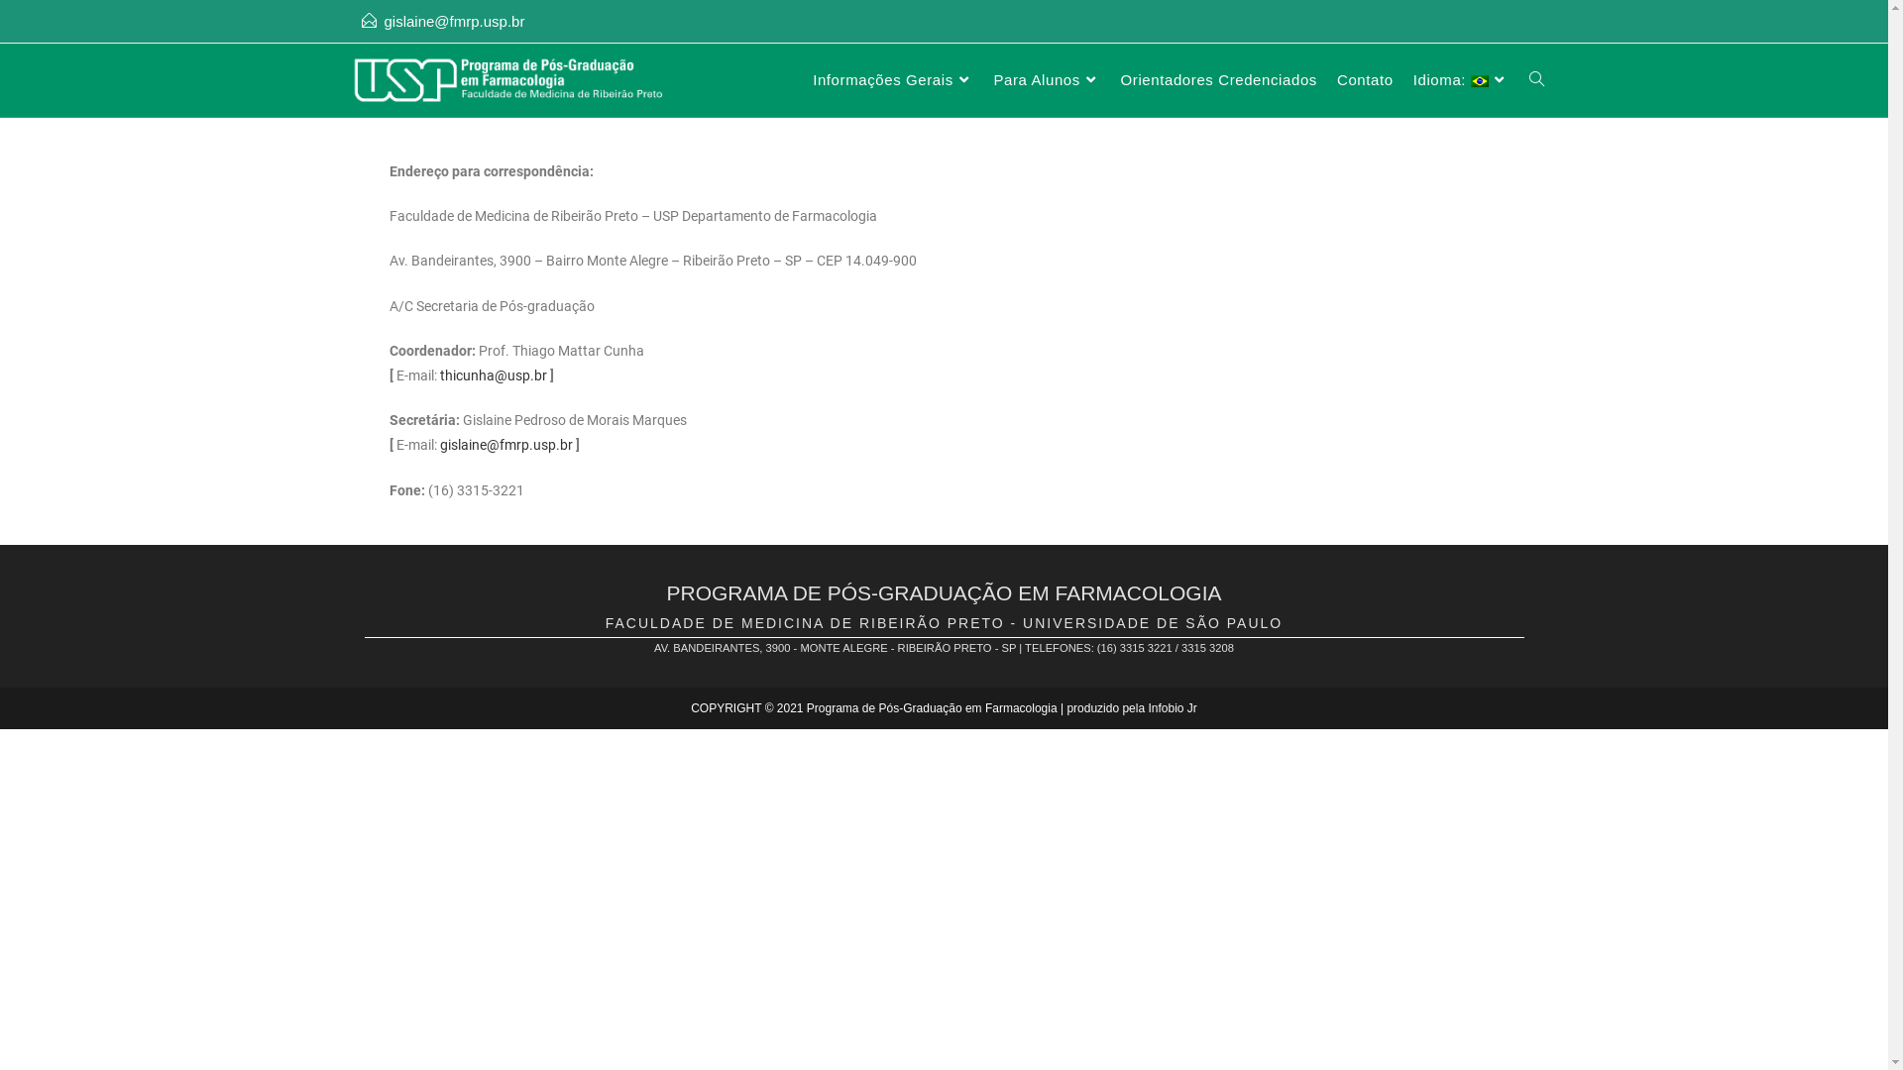  Describe the element at coordinates (505, 443) in the screenshot. I see `'gislaine@fmrp.usp.br'` at that location.